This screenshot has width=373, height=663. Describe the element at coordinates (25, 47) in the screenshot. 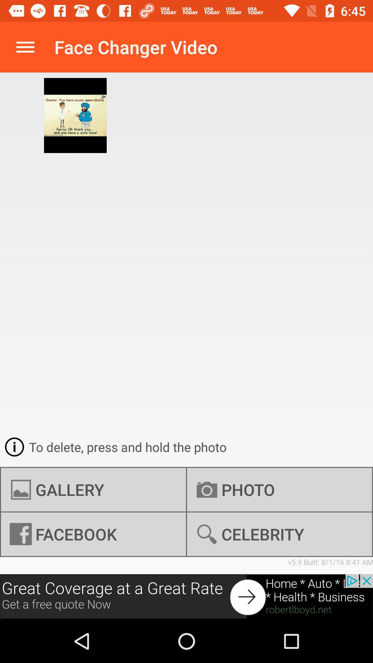

I see `icon next to the face changer video app` at that location.